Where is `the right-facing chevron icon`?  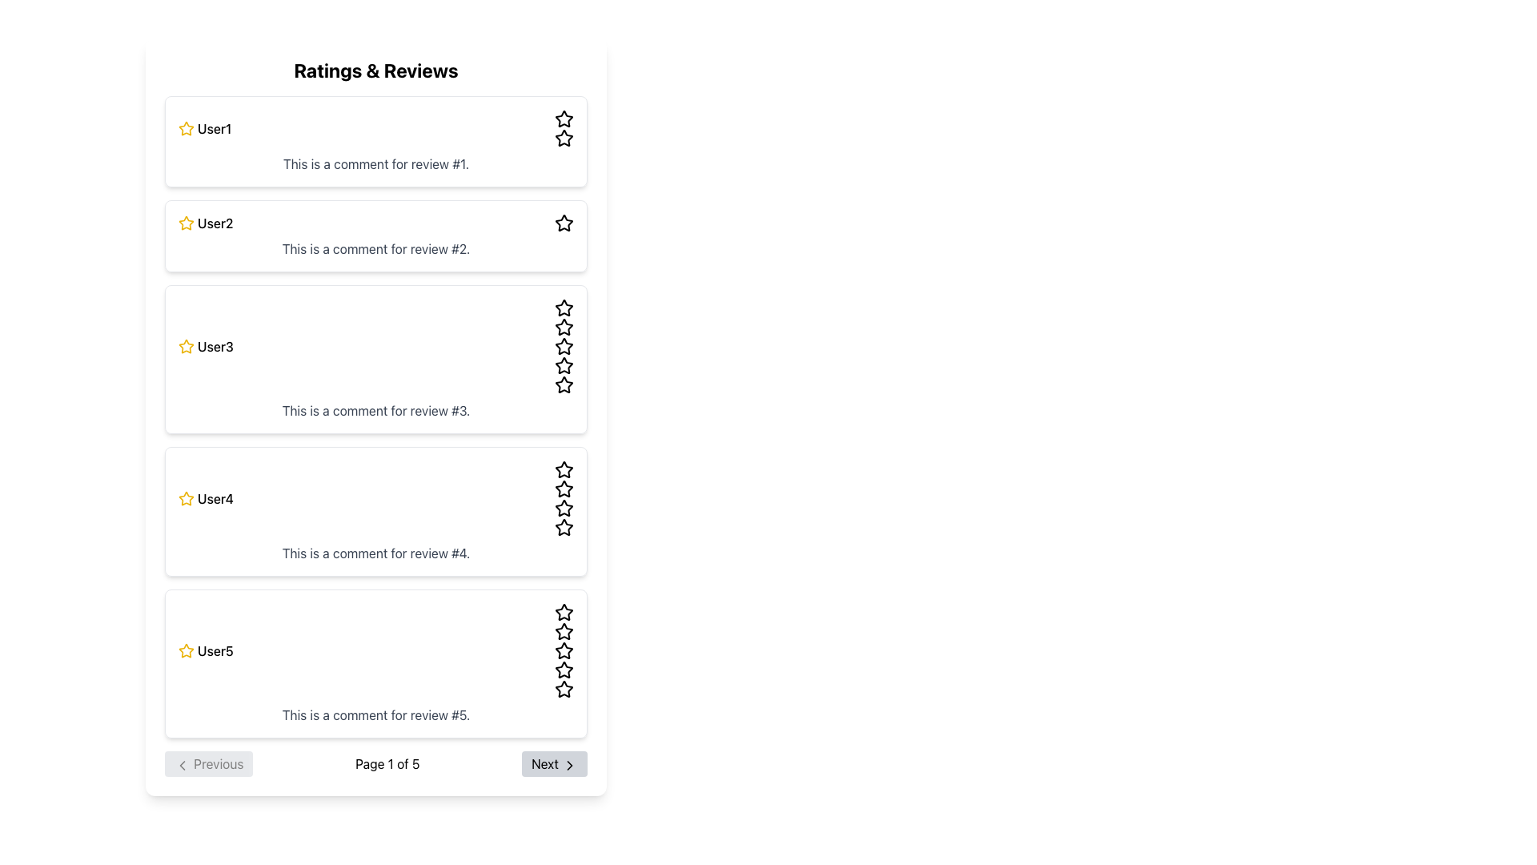 the right-facing chevron icon is located at coordinates (569, 764).